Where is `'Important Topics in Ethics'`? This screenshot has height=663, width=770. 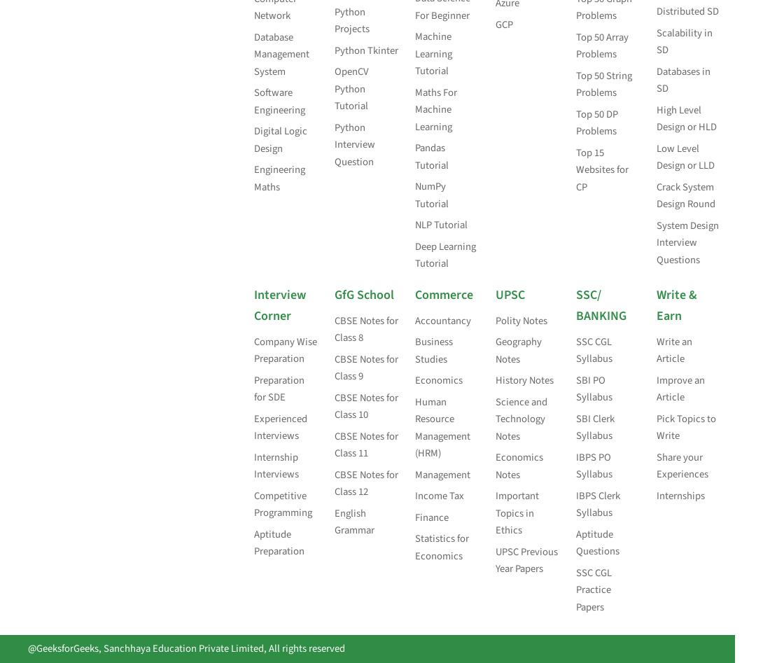 'Important Topics in Ethics' is located at coordinates (494, 512).